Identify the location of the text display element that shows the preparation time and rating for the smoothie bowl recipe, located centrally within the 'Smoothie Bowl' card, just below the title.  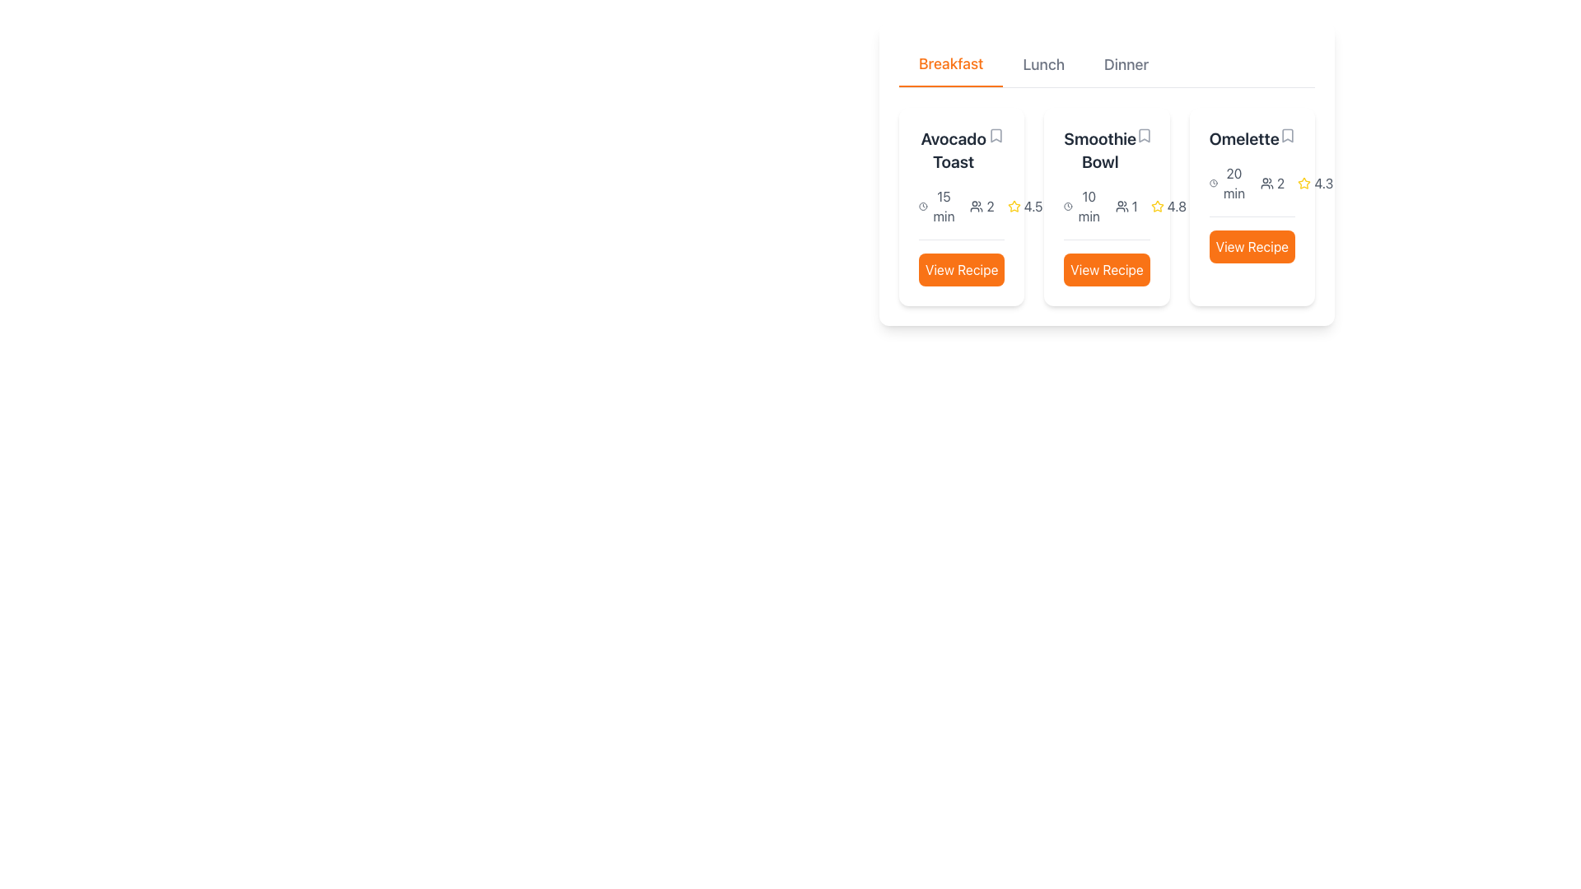
(1107, 205).